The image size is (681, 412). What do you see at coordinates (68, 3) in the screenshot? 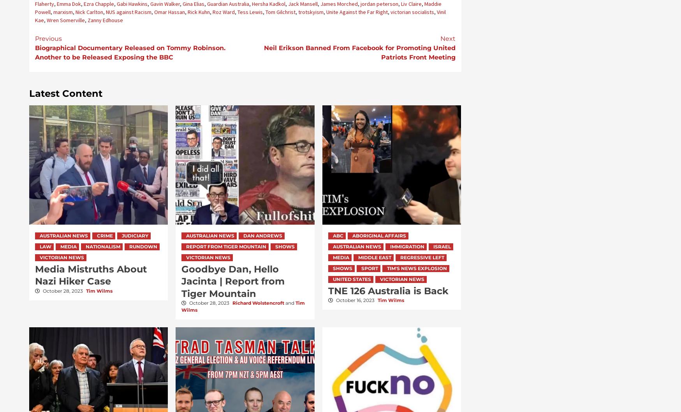
I see `'Emma Dok'` at bounding box center [68, 3].